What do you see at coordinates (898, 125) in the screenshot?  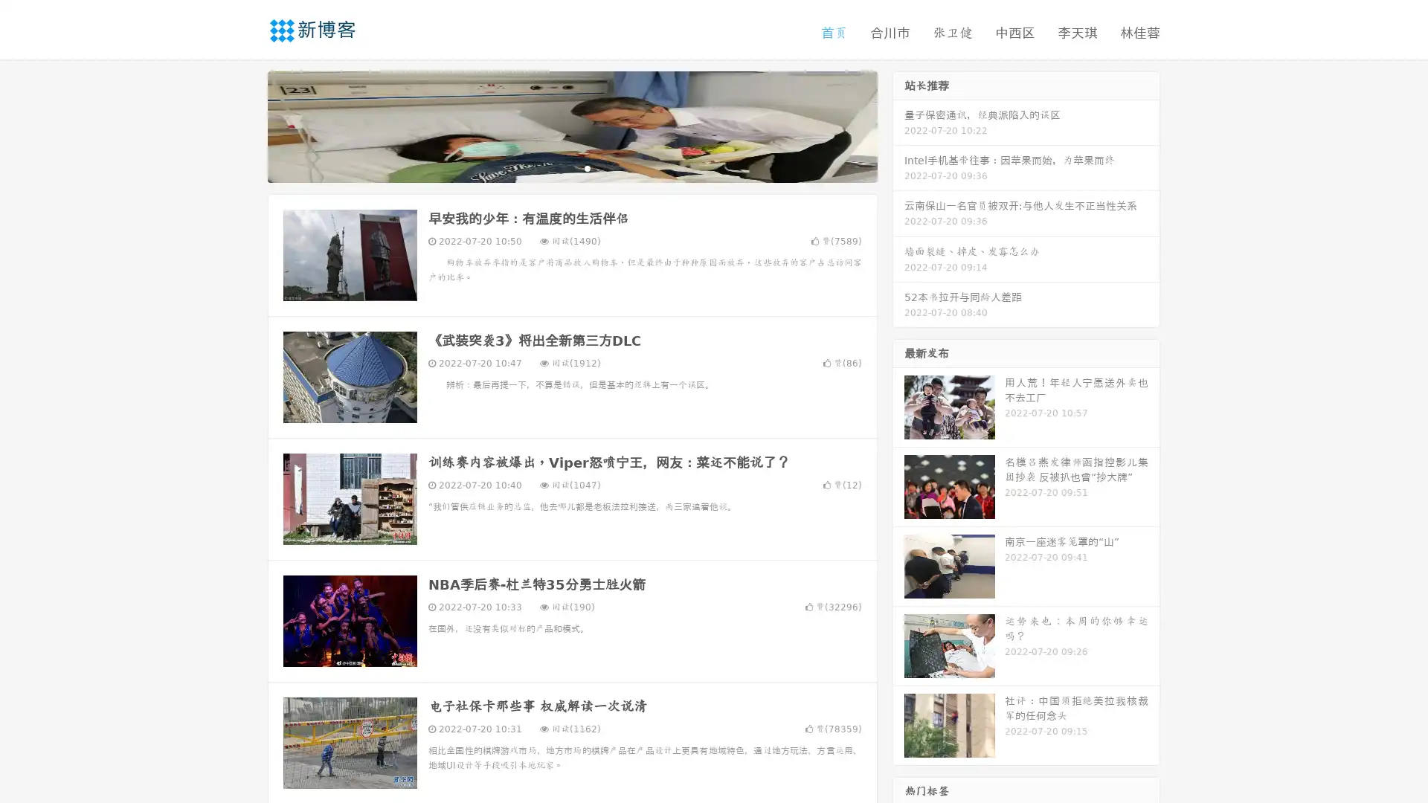 I see `Next slide` at bounding box center [898, 125].